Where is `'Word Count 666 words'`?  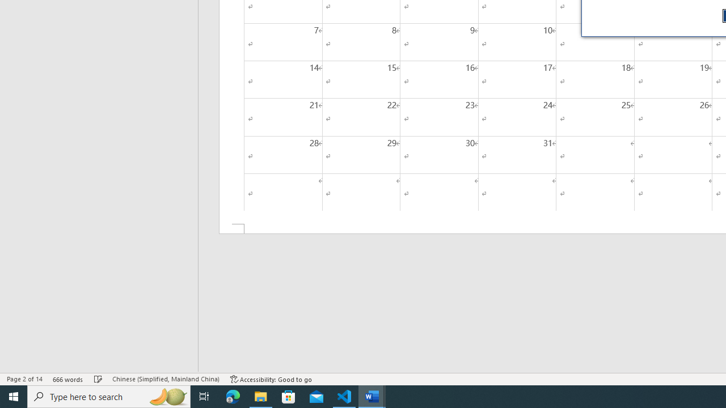 'Word Count 666 words' is located at coordinates (67, 379).